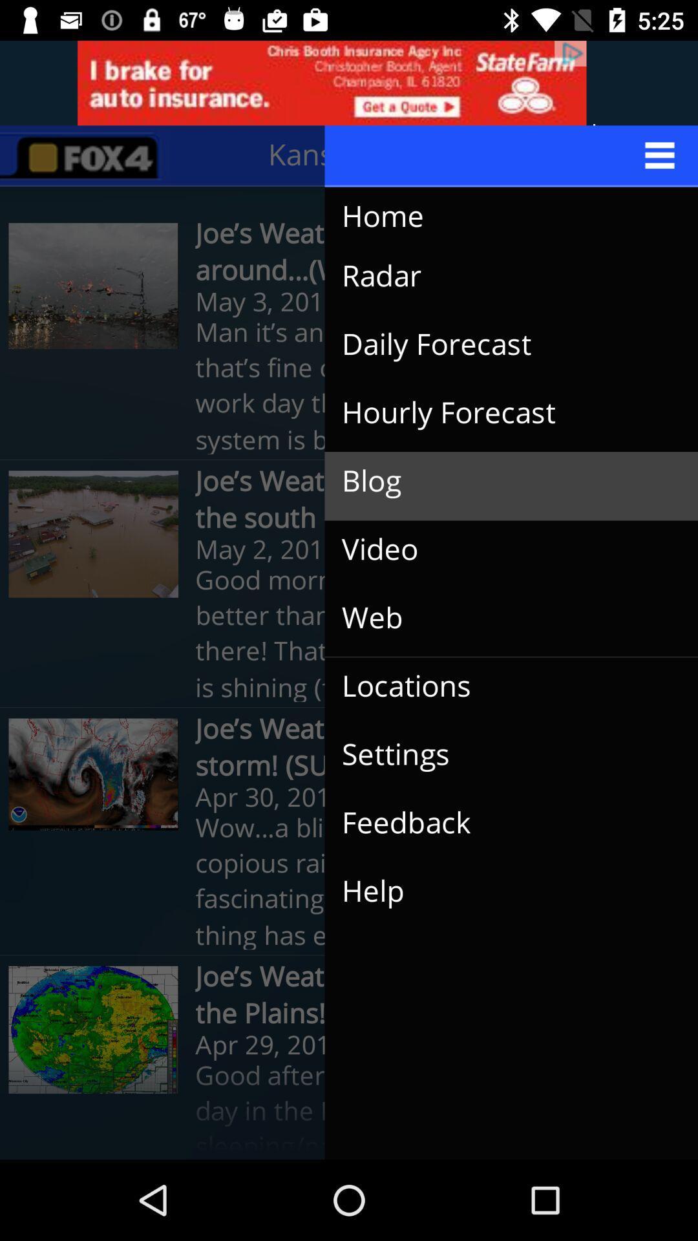 The width and height of the screenshot is (698, 1241). Describe the element at coordinates (500, 617) in the screenshot. I see `the web` at that location.